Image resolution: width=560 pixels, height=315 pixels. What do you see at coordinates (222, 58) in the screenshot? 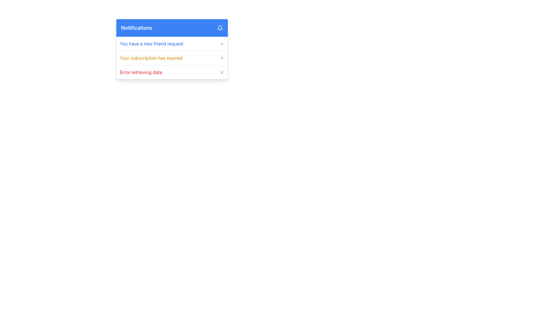
I see `the dismiss button located on the right side of the notification bar displaying the message 'Your subscription has expired.'` at bounding box center [222, 58].